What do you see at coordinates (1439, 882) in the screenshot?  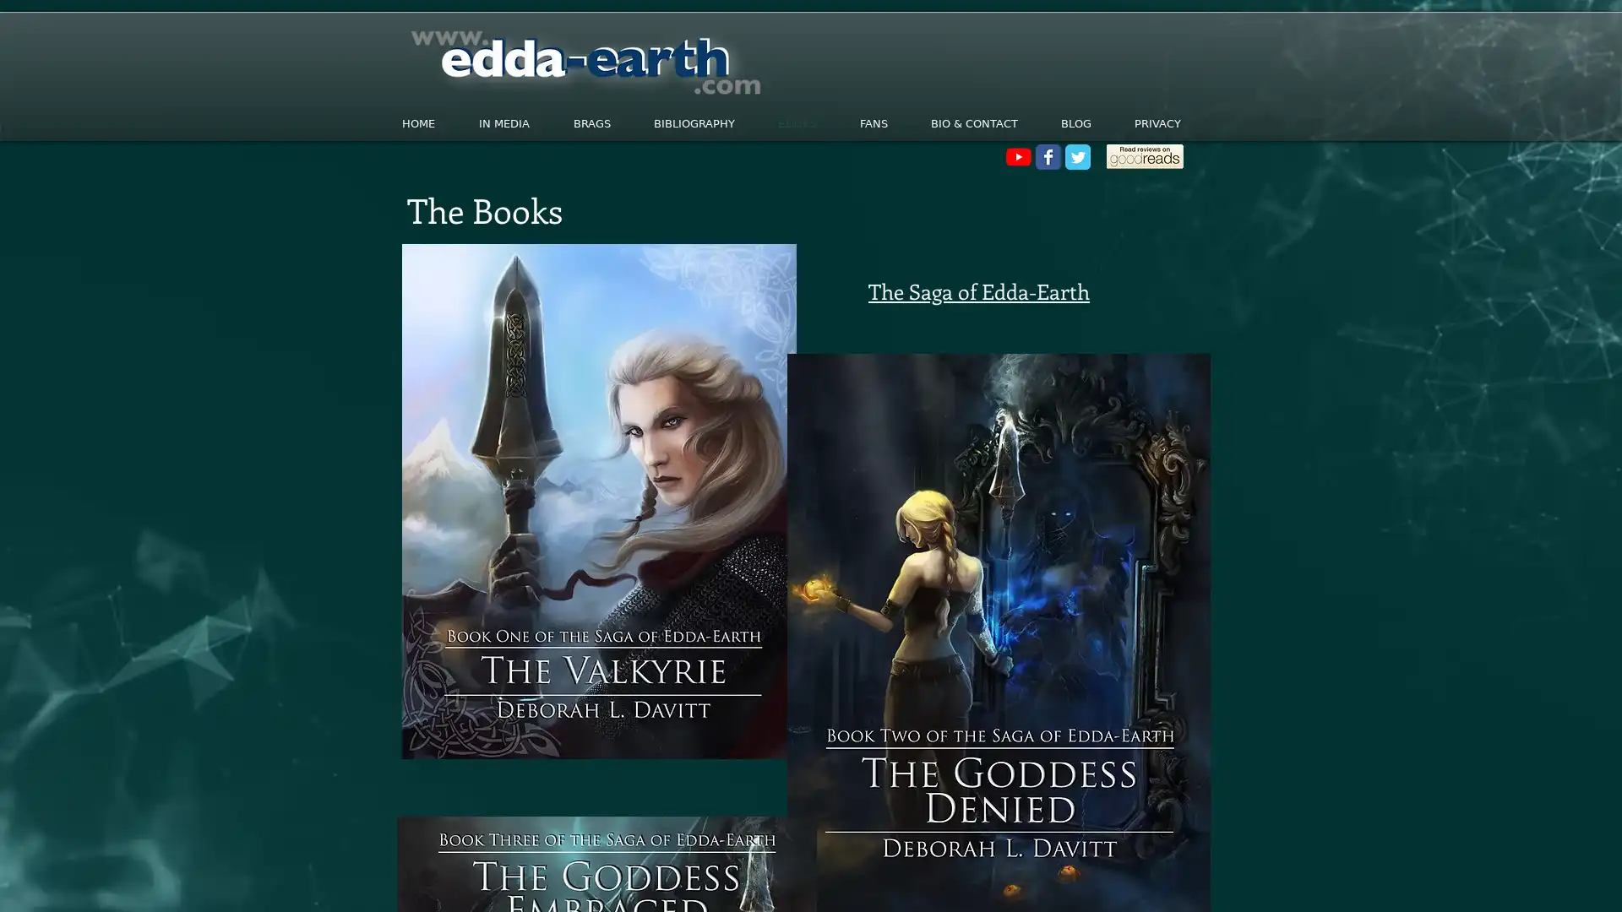 I see `Cookie Settings` at bounding box center [1439, 882].